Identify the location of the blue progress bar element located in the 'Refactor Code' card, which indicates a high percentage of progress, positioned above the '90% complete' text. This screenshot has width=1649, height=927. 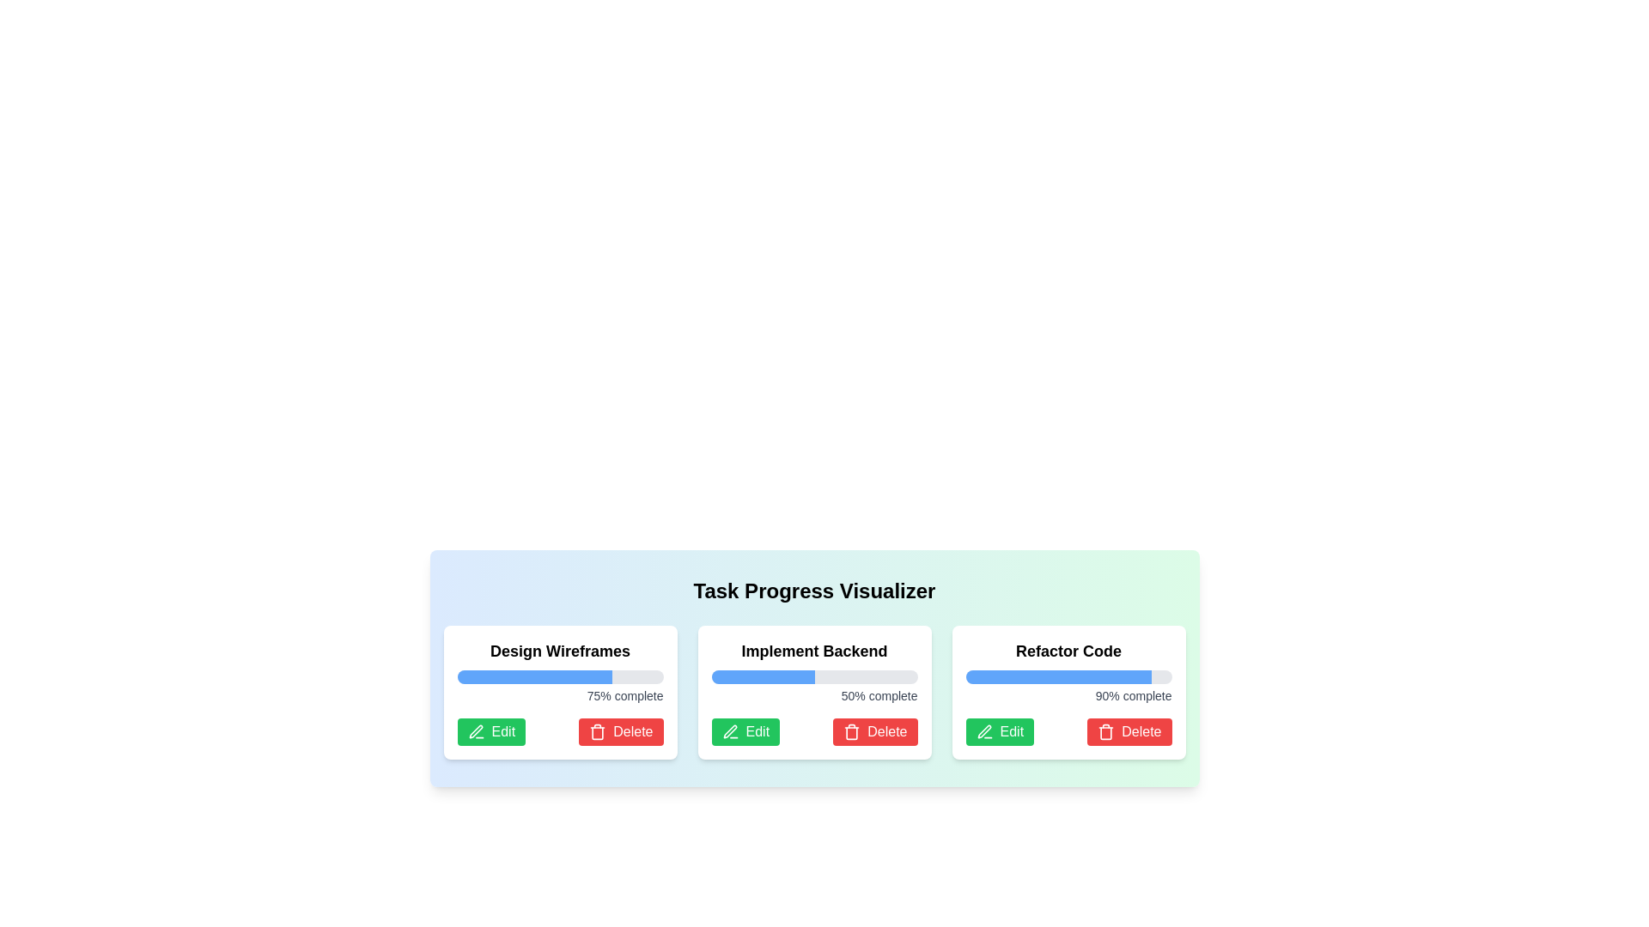
(1057, 676).